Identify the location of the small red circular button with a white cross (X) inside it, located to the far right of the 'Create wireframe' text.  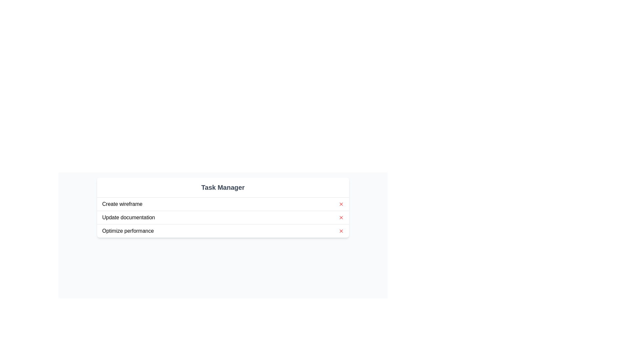
(341, 204).